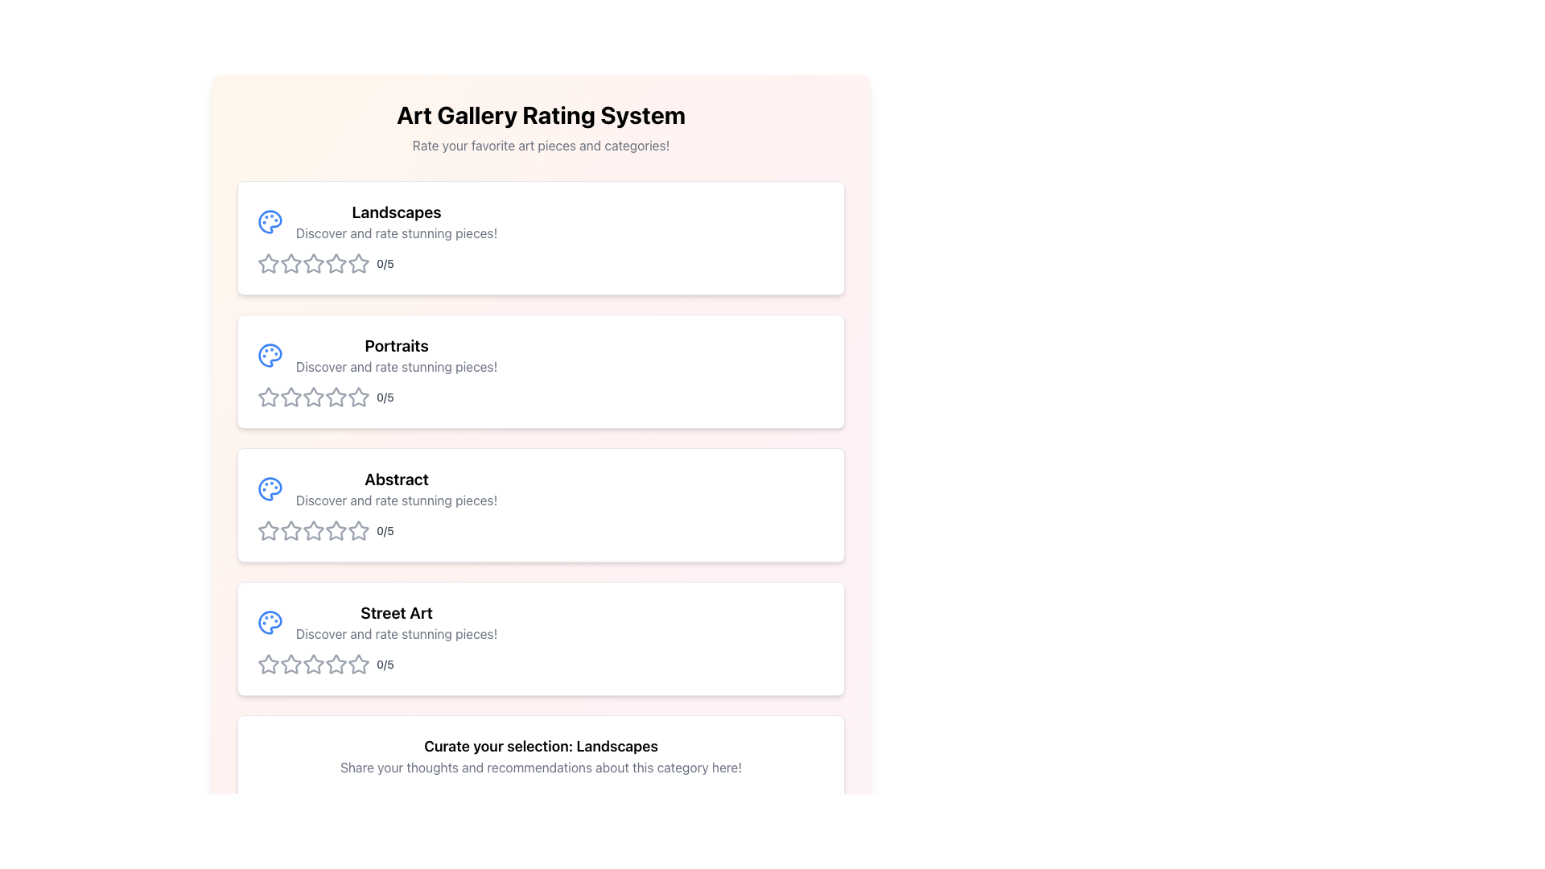 The image size is (1545, 869). Describe the element at coordinates (358, 664) in the screenshot. I see `the fifth star icon for adjusting the rating under the 'Street Art' header` at that location.